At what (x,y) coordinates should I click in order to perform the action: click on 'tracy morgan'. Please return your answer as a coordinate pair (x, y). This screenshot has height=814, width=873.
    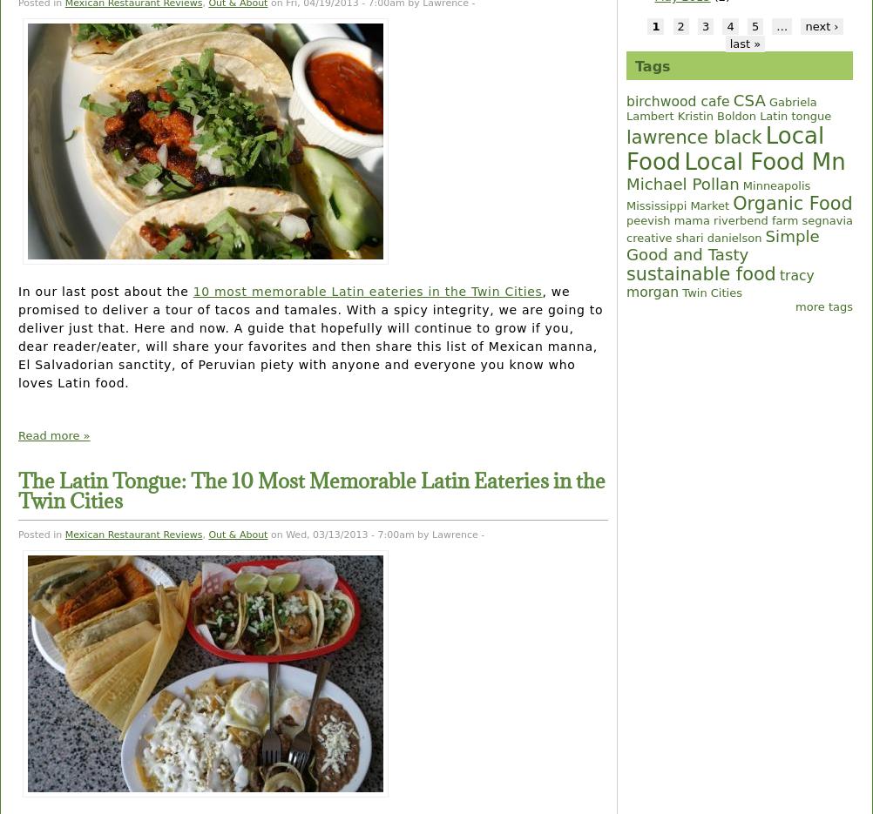
    Looking at the image, I should click on (719, 284).